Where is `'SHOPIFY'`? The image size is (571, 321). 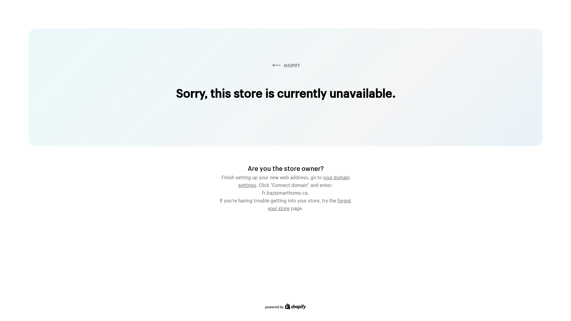
'SHOPIFY' is located at coordinates (271, 65).